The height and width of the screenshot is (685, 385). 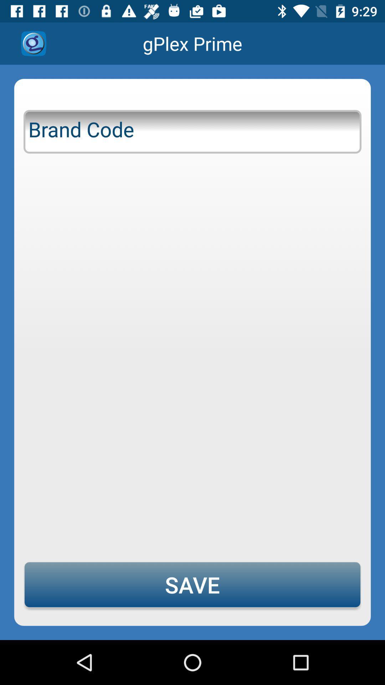 What do you see at coordinates (192, 130) in the screenshot?
I see `icon above save item` at bounding box center [192, 130].